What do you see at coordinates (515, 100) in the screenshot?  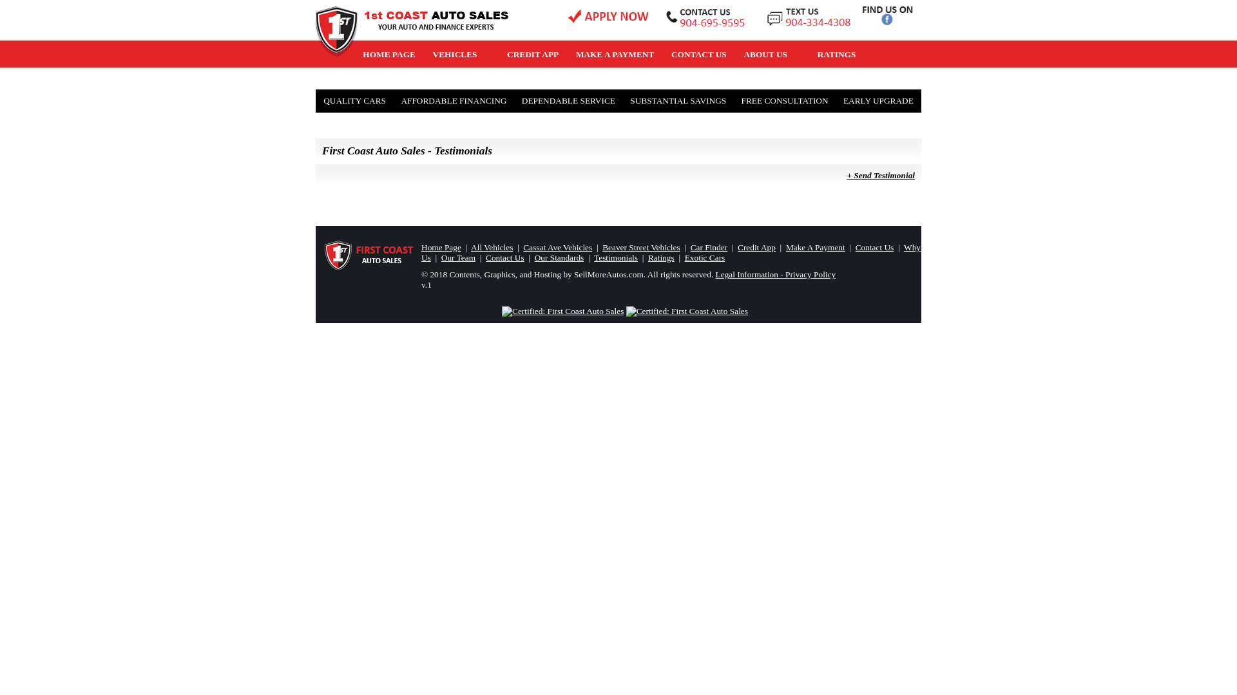 I see `'DEPENDABLE SERVICE'` at bounding box center [515, 100].